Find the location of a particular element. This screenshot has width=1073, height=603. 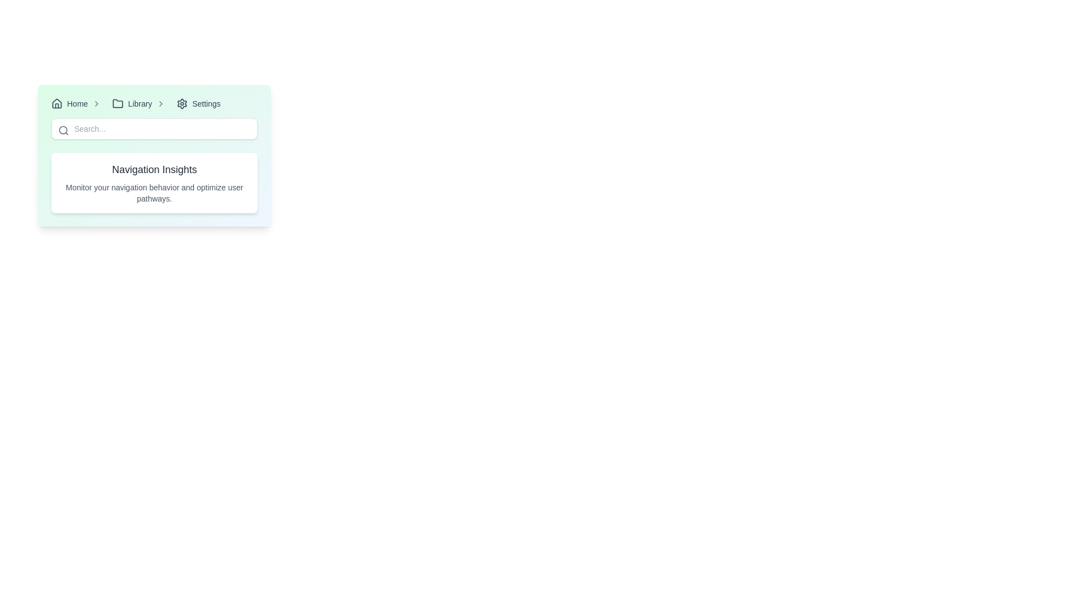

the 'Library' interactive navigation link, which is the second clickable item in the breadcrumb navigation and features a folder icon on the left, turning blue upon hover is located at coordinates (132, 103).